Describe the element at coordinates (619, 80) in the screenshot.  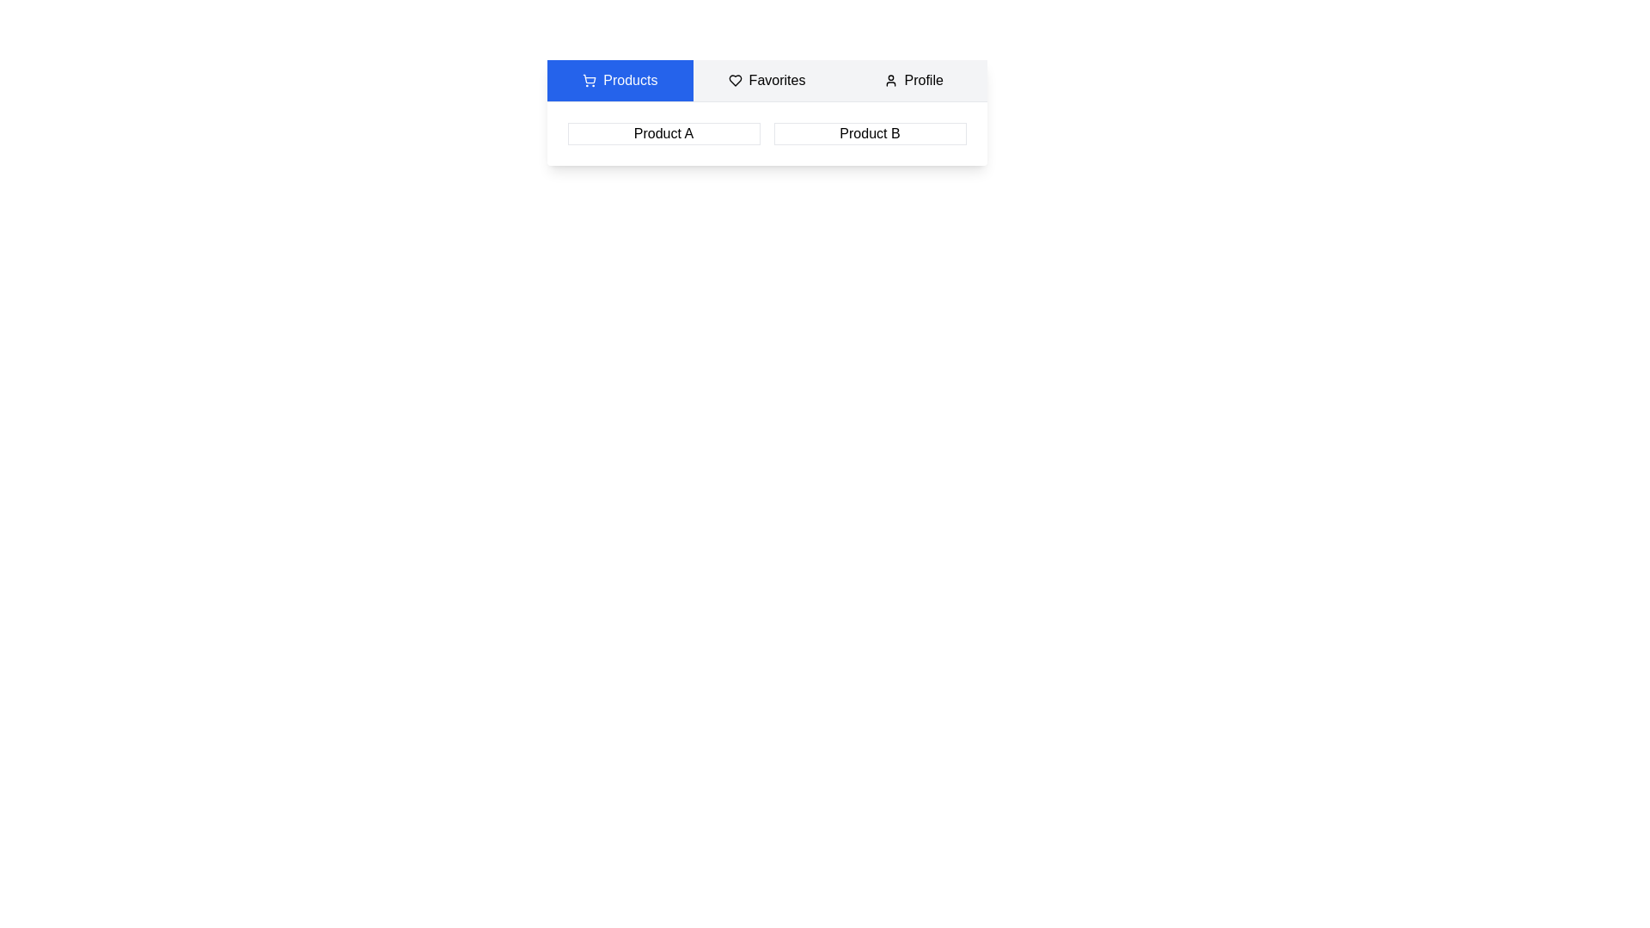
I see `the 'Products' tab to view its content` at that location.